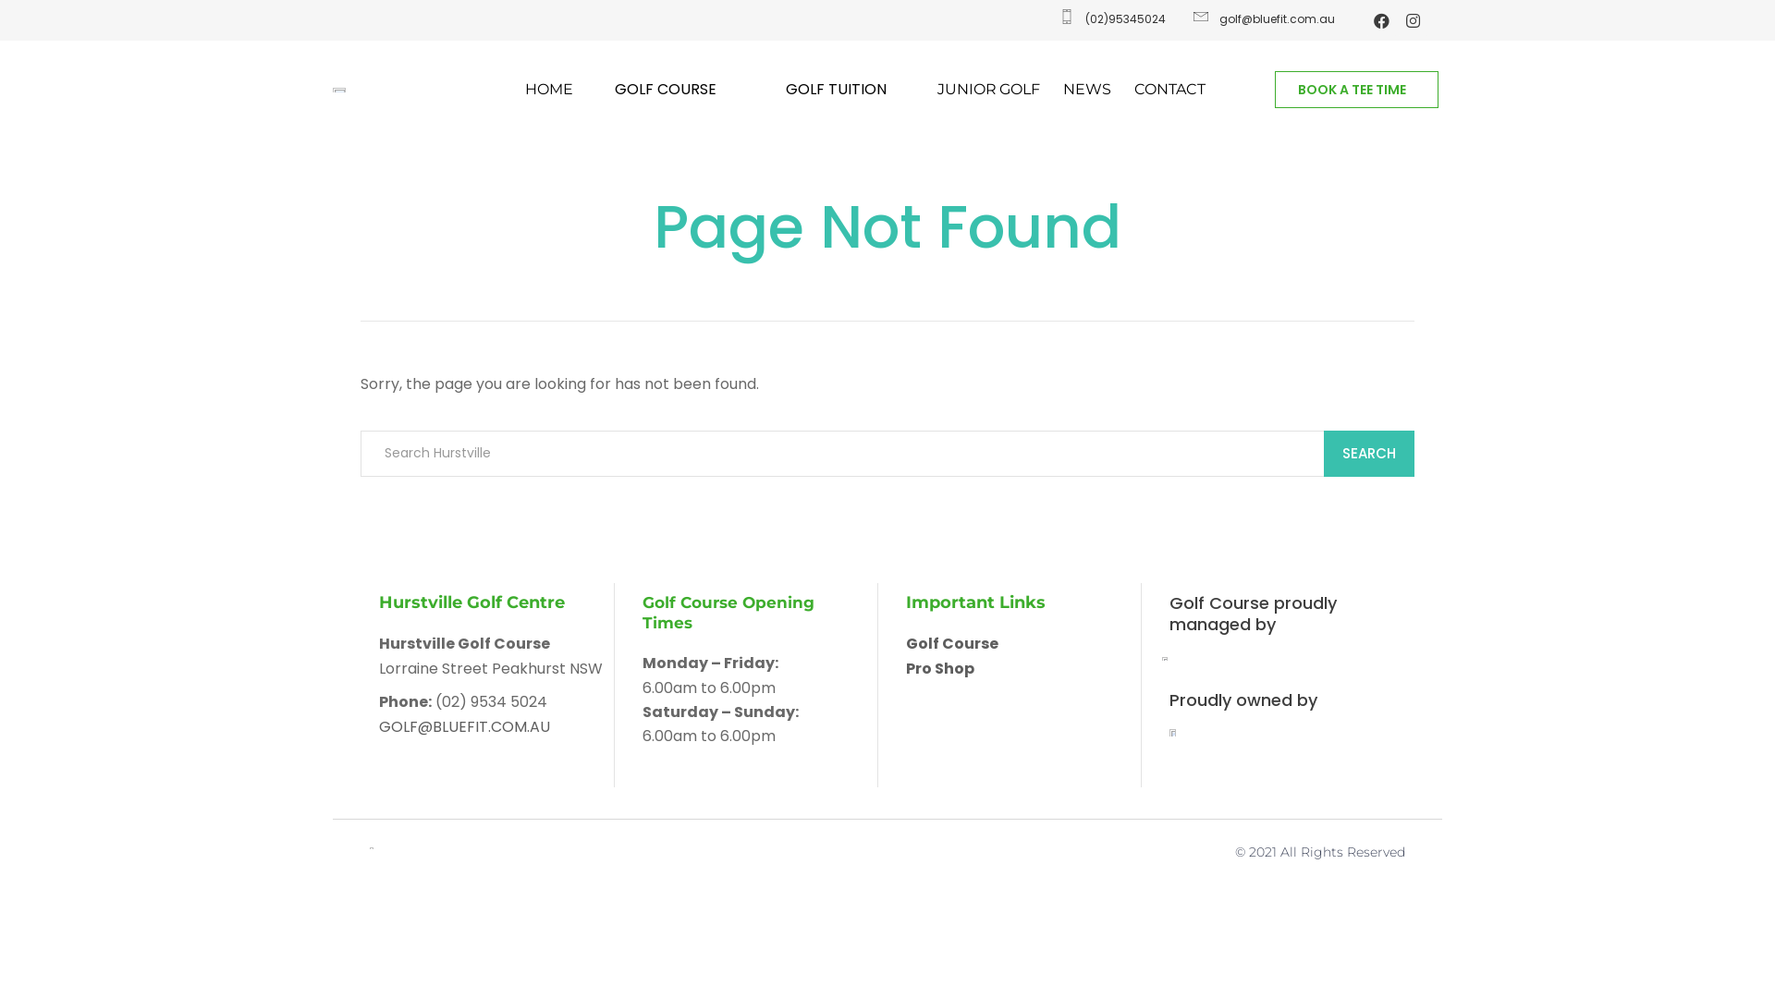 The width and height of the screenshot is (1775, 998). Describe the element at coordinates (1169, 89) in the screenshot. I see `'CONTACT'` at that location.